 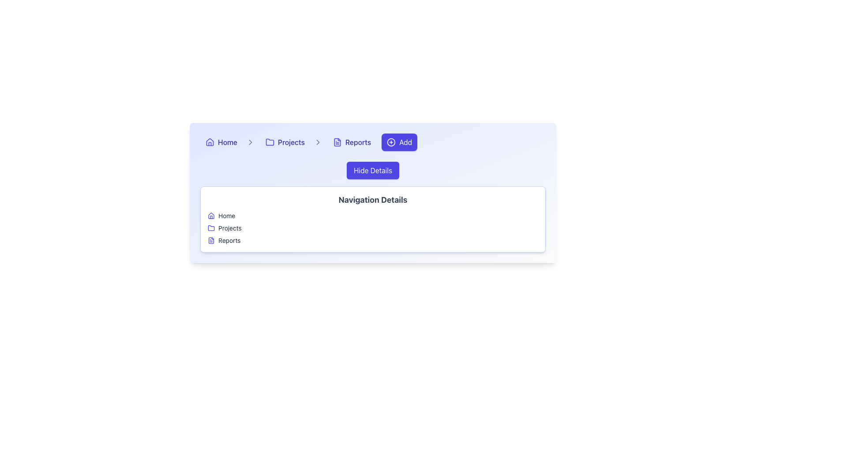 What do you see at coordinates (291, 142) in the screenshot?
I see `the 'Projects' navigation link, which is styled with a sans-serif font and includes a folder icon on the left and a chevron symbol on the right` at bounding box center [291, 142].